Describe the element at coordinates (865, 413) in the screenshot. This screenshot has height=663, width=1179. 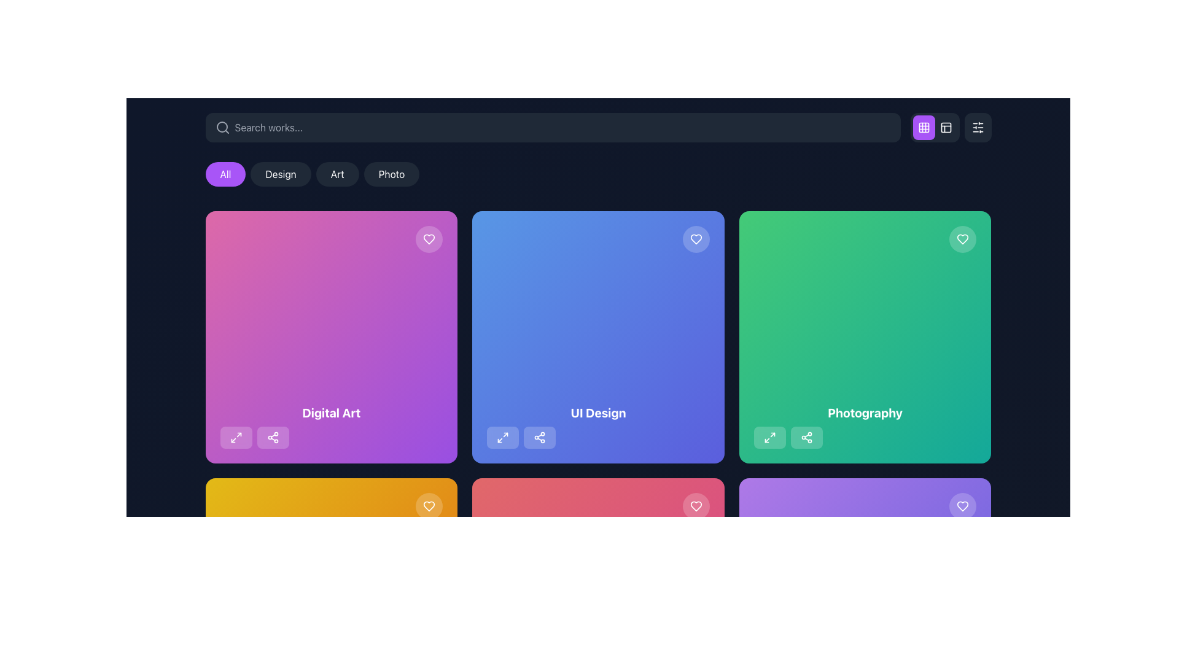
I see `the 'Photography' text label located at the bottom of the green card, which describes the content category` at that location.